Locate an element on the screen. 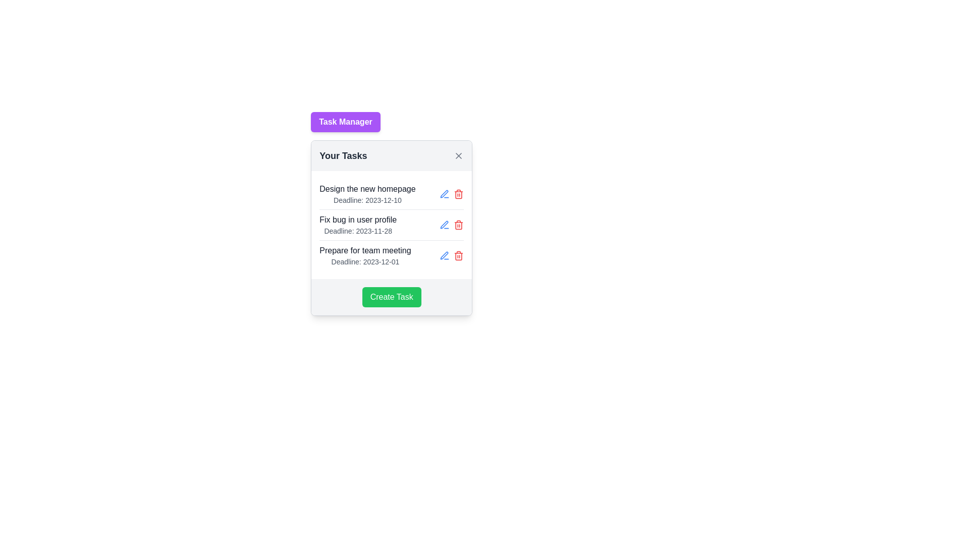 The image size is (969, 545). the second task entry in the task management application to view more details is located at coordinates (391, 224).